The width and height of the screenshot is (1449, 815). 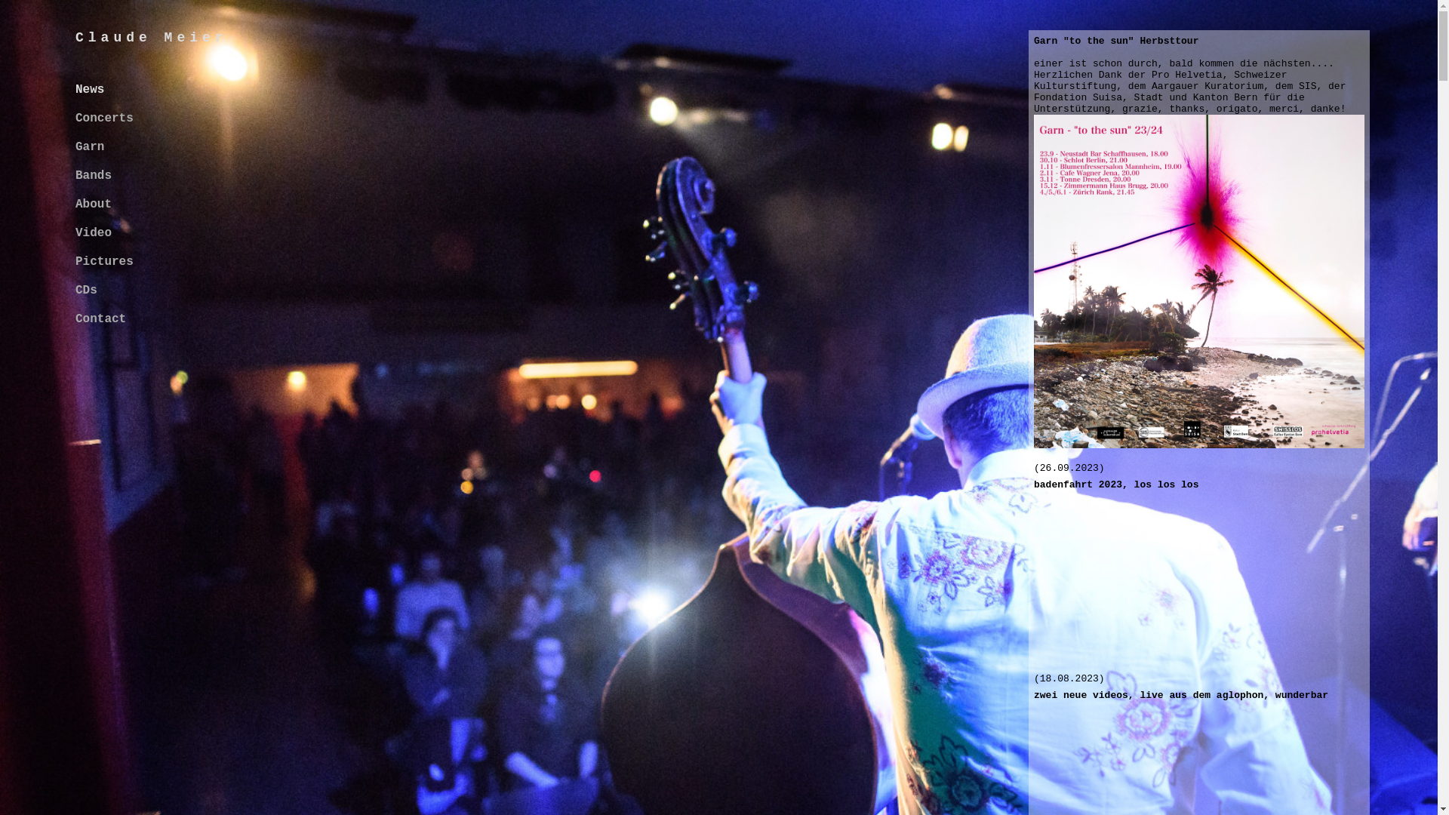 What do you see at coordinates (100, 318) in the screenshot?
I see `'Contact'` at bounding box center [100, 318].